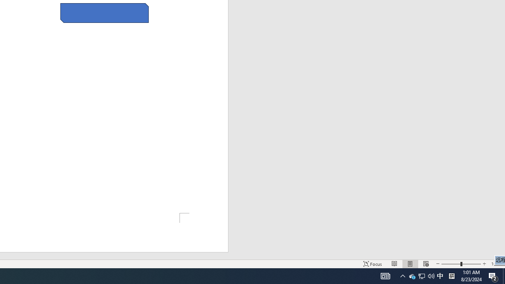  Describe the element at coordinates (410, 264) in the screenshot. I see `'Print Layout'` at that location.